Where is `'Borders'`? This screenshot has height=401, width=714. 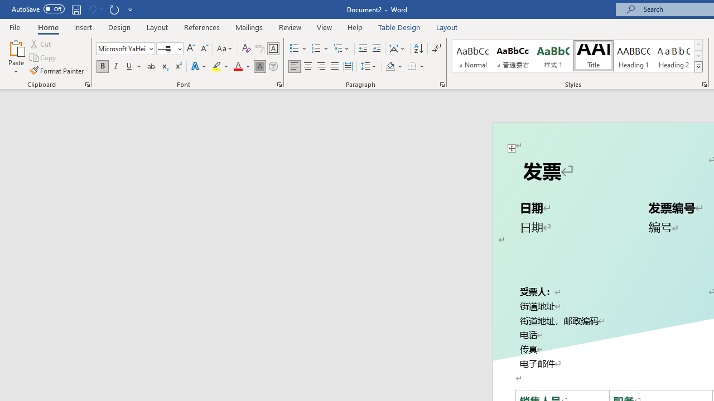 'Borders' is located at coordinates (416, 66).